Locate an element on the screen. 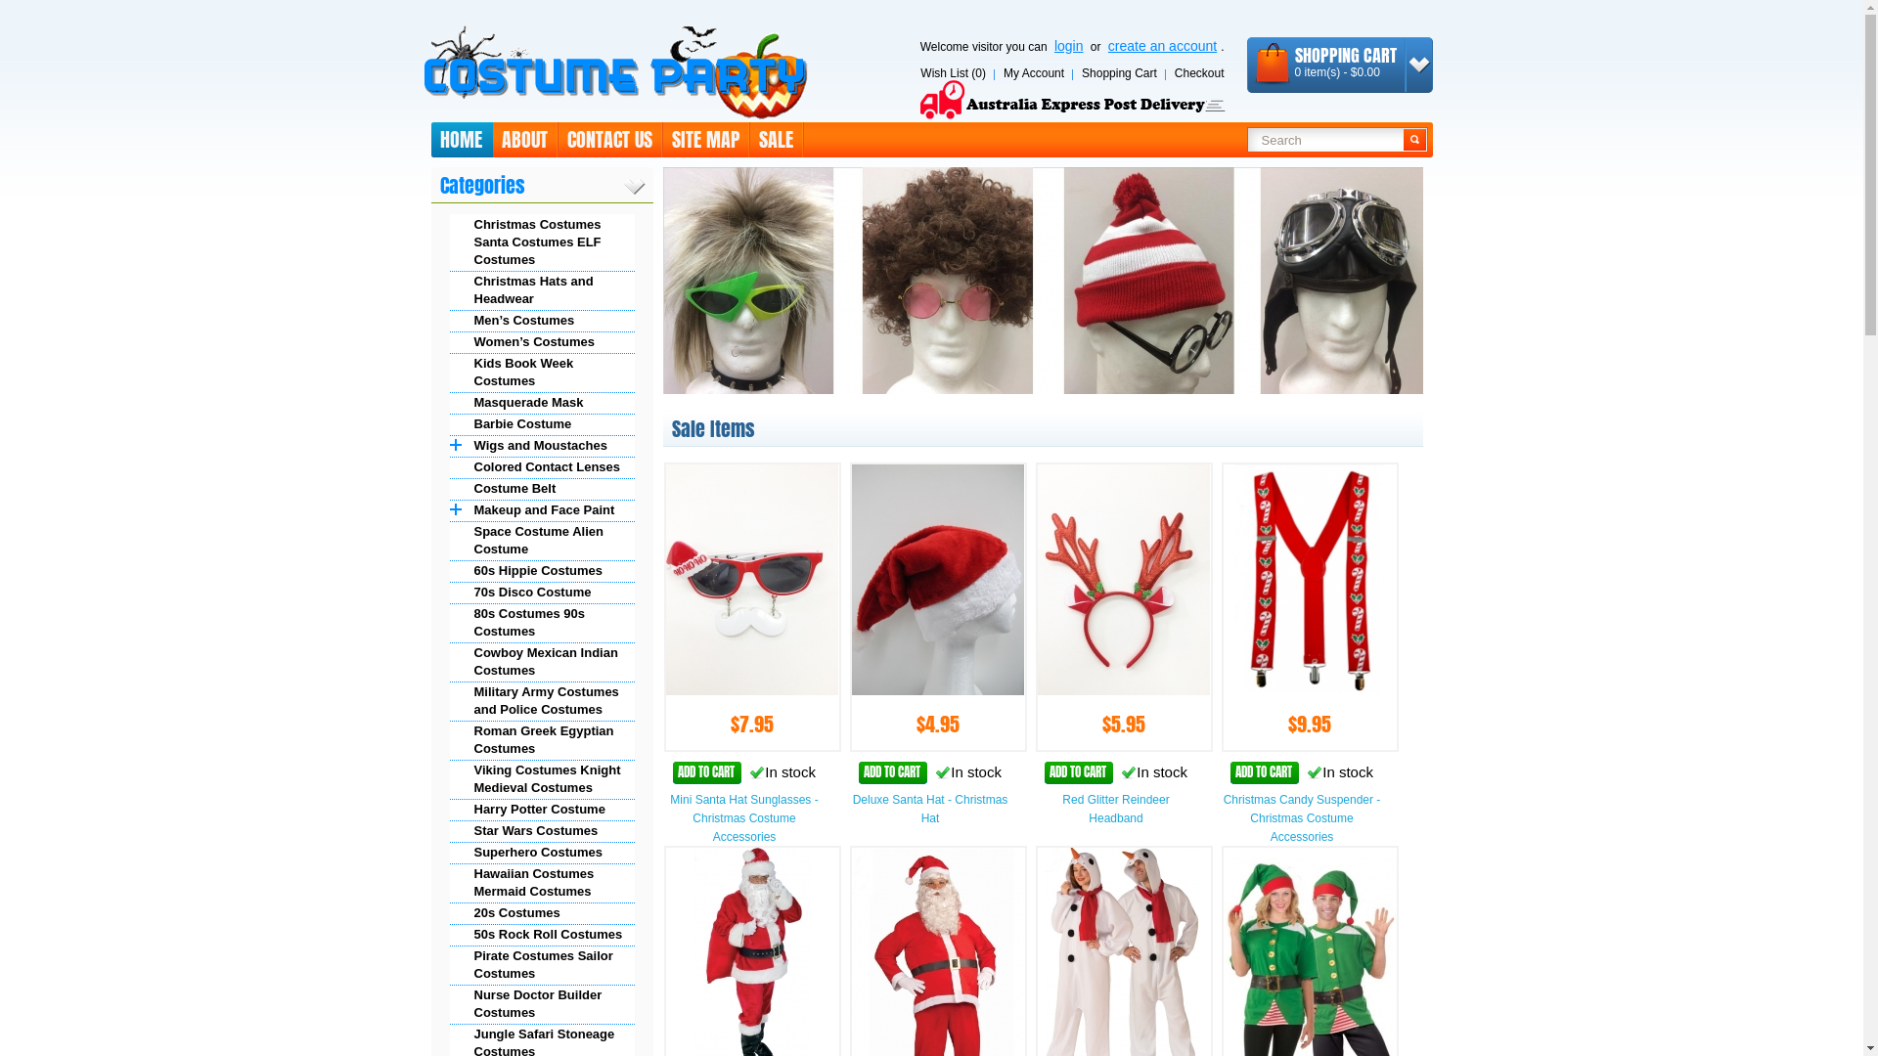 This screenshot has height=1056, width=1878. 'Costume Belt' is located at coordinates (449, 488).